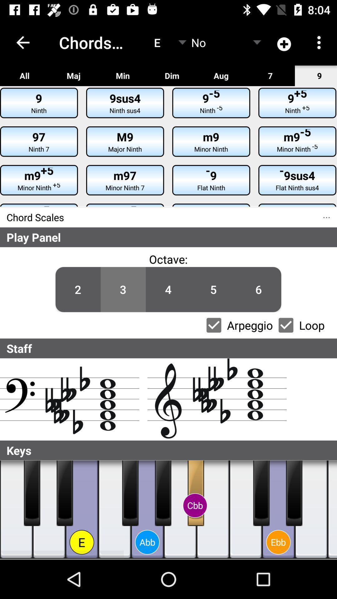 The width and height of the screenshot is (337, 599). I want to click on the 4 icon, so click(168, 289).